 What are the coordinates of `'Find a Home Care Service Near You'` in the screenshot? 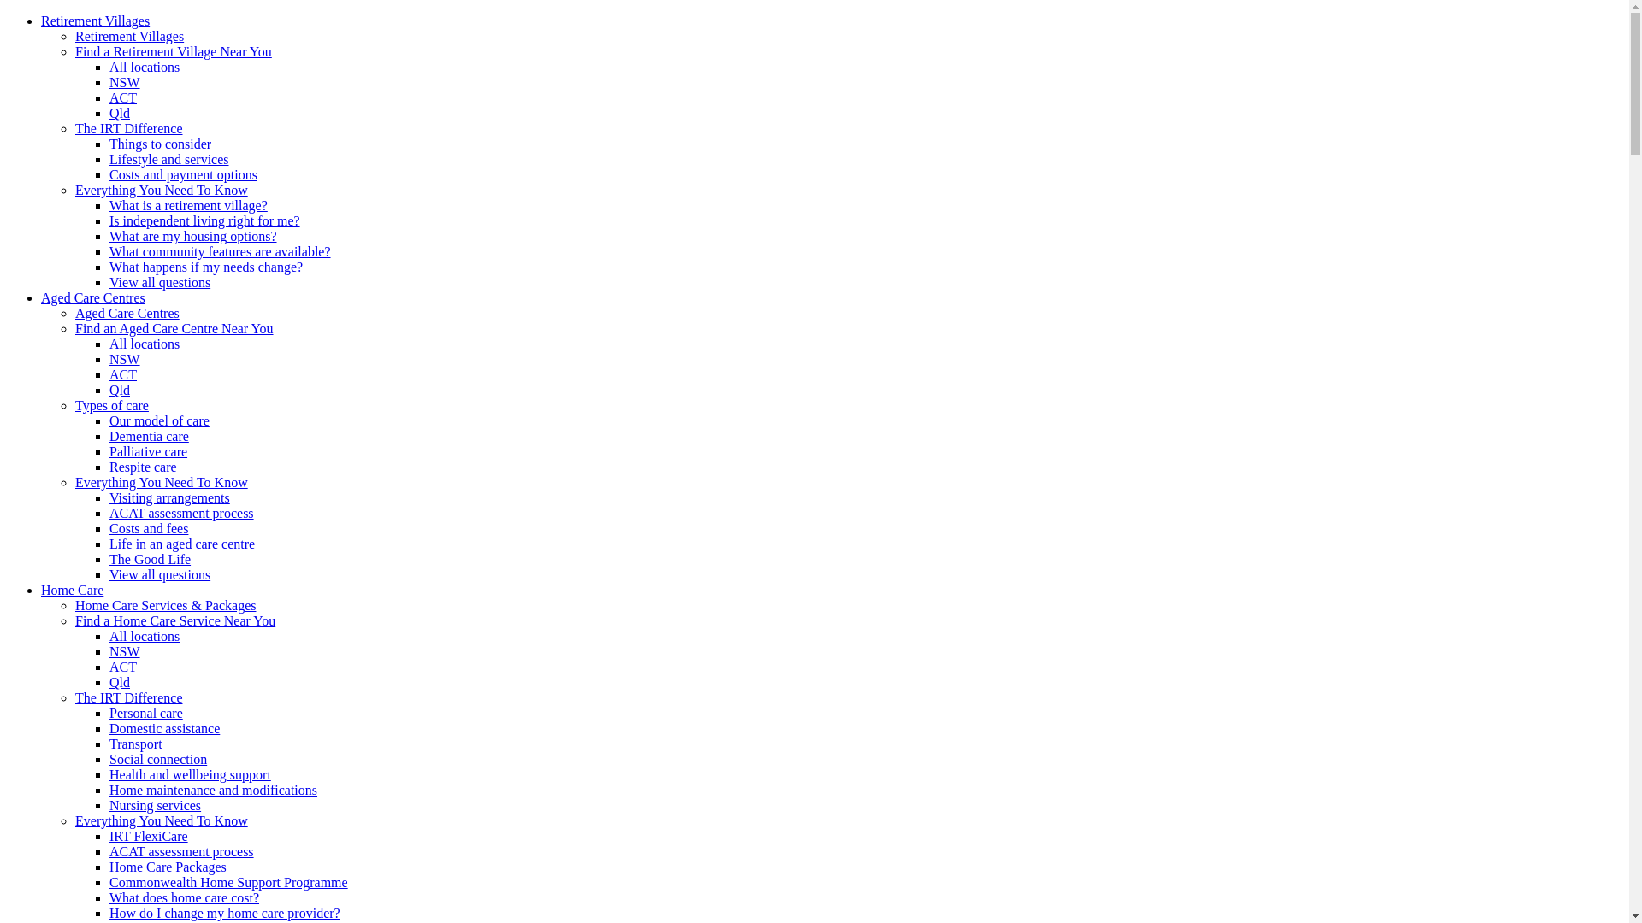 It's located at (175, 620).